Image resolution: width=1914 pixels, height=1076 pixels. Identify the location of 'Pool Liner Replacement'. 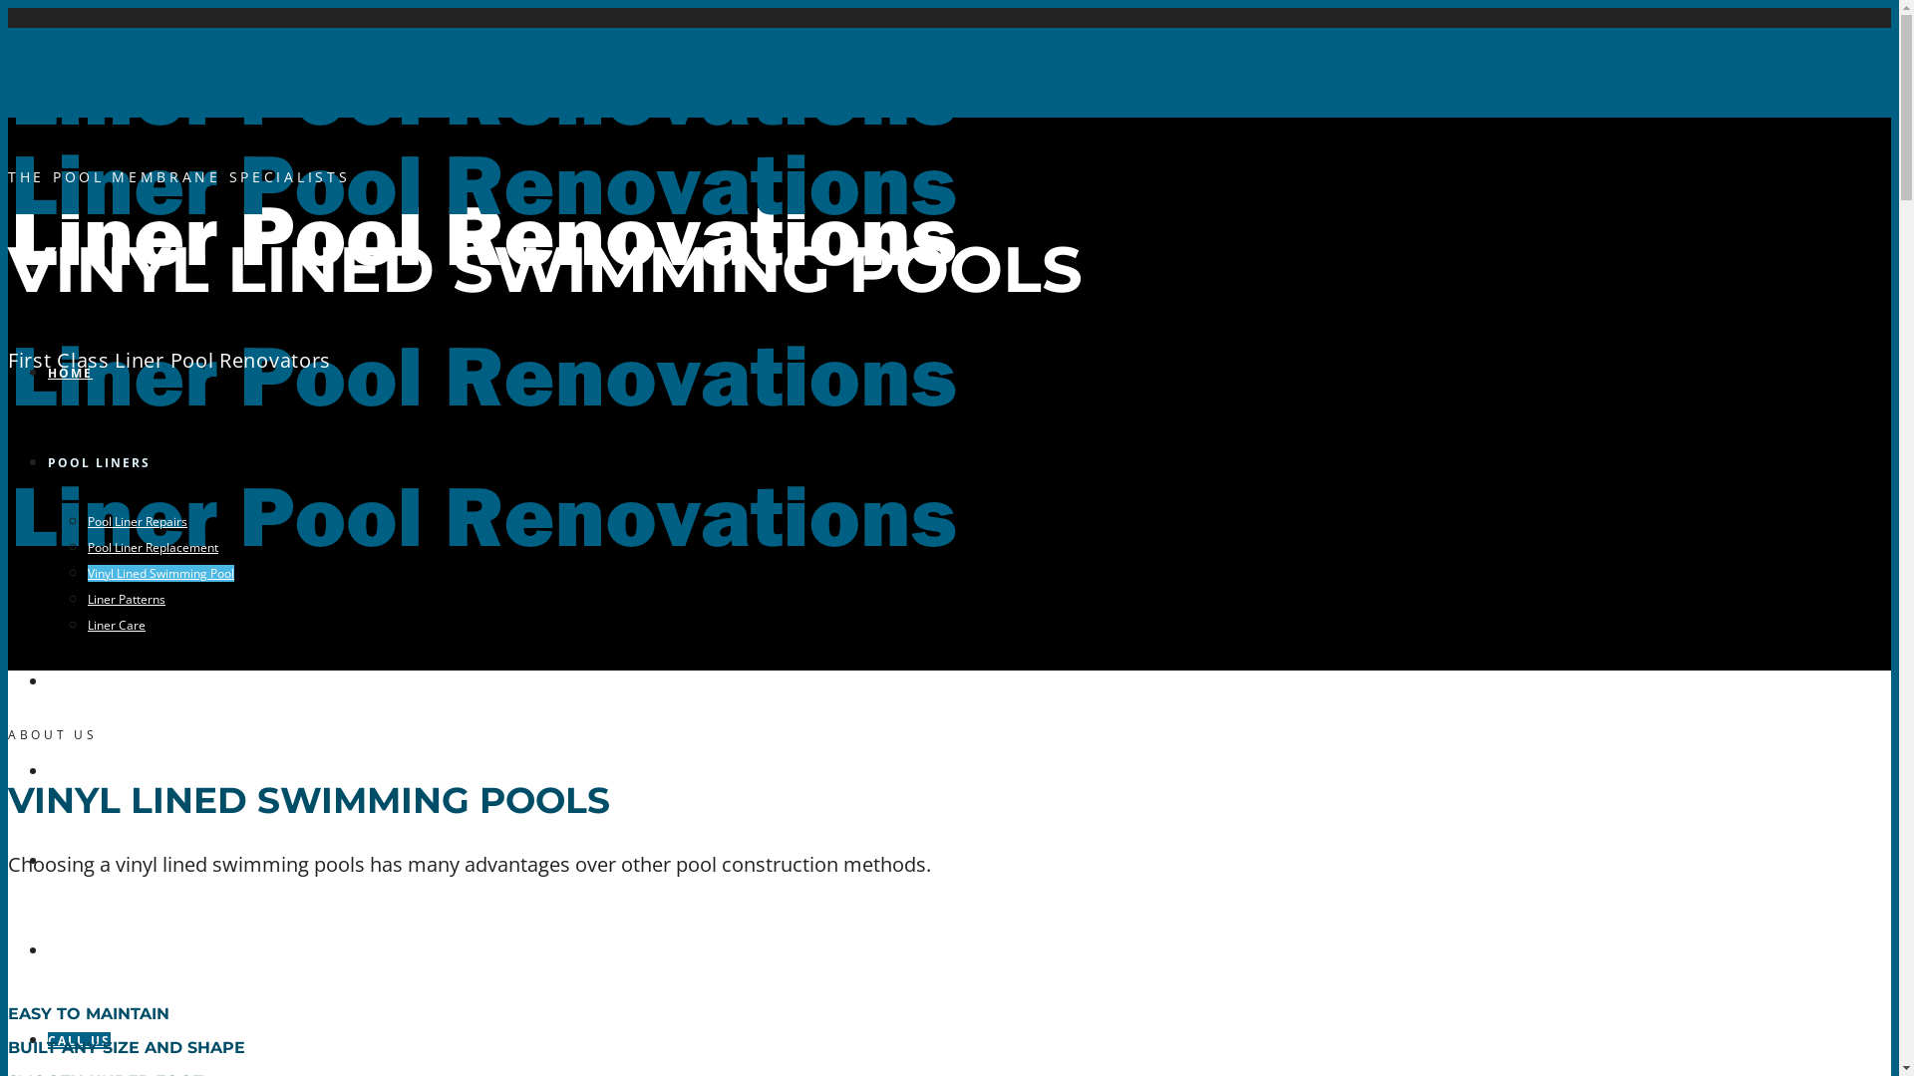
(152, 547).